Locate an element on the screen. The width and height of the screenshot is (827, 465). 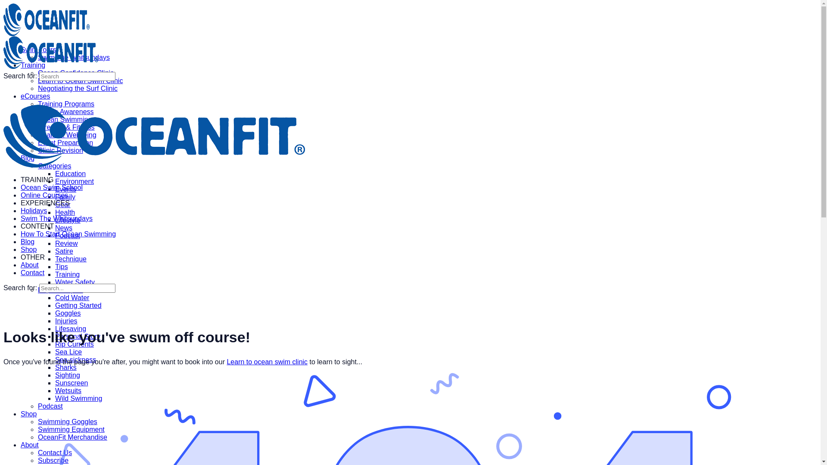
'Sea Lice' is located at coordinates (68, 352).